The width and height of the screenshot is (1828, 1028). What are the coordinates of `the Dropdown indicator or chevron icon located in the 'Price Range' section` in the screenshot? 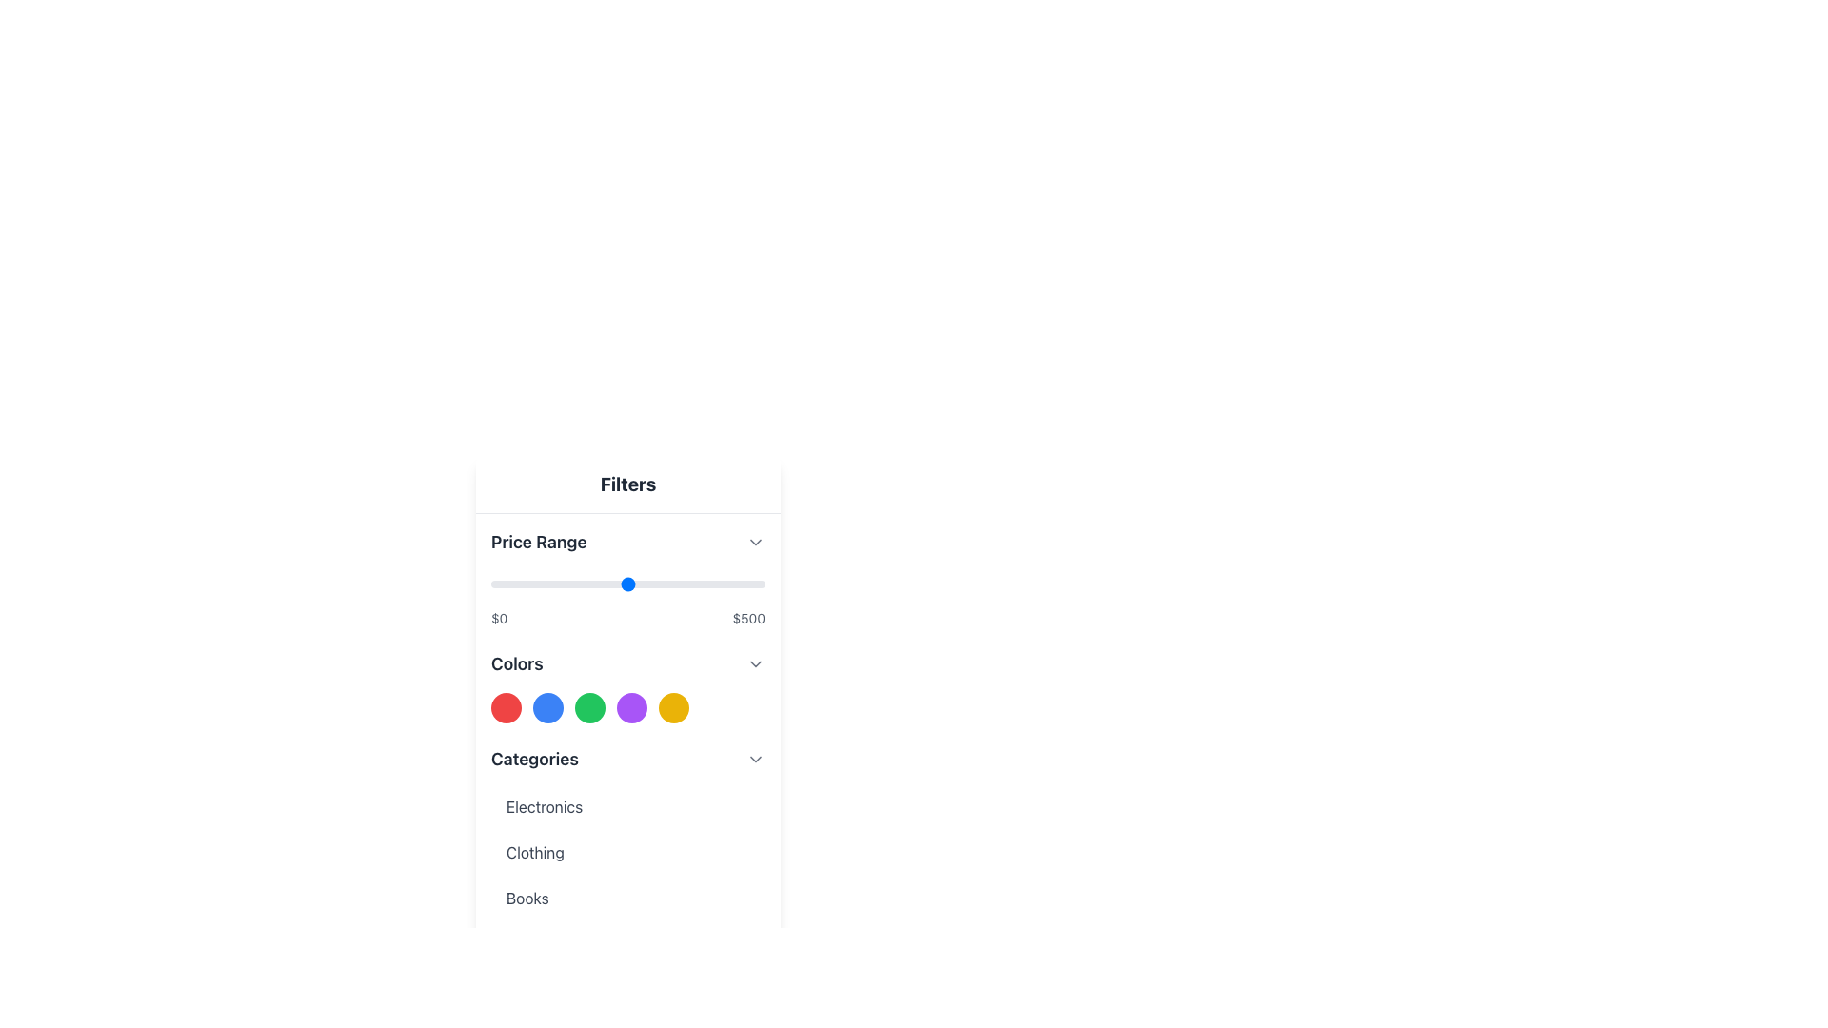 It's located at (754, 543).